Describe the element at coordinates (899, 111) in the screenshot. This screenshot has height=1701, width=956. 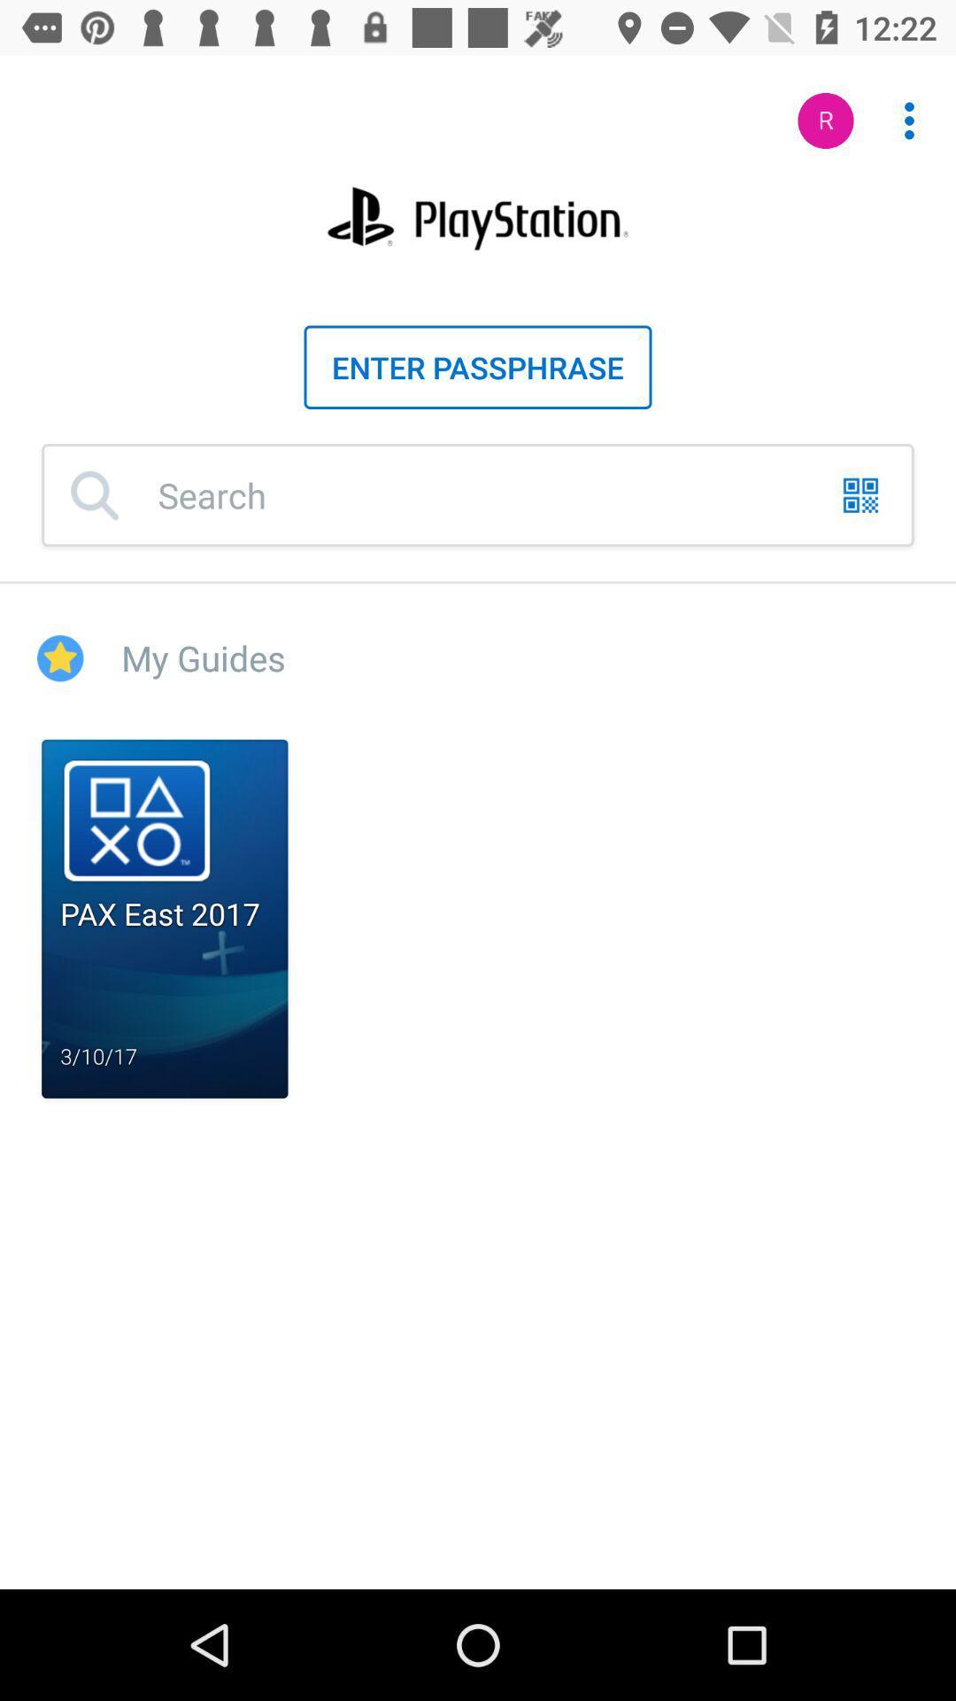
I see `the more icon` at that location.